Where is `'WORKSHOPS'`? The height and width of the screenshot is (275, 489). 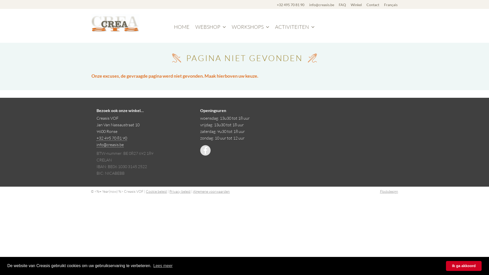
'WORKSHOPS' is located at coordinates (250, 27).